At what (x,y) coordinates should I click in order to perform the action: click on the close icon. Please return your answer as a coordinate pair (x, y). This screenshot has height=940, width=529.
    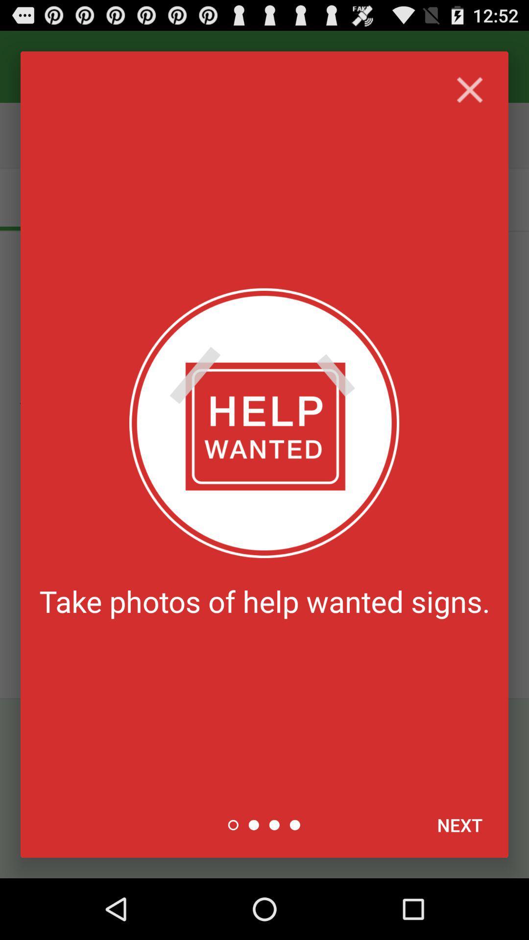
    Looking at the image, I should click on (469, 96).